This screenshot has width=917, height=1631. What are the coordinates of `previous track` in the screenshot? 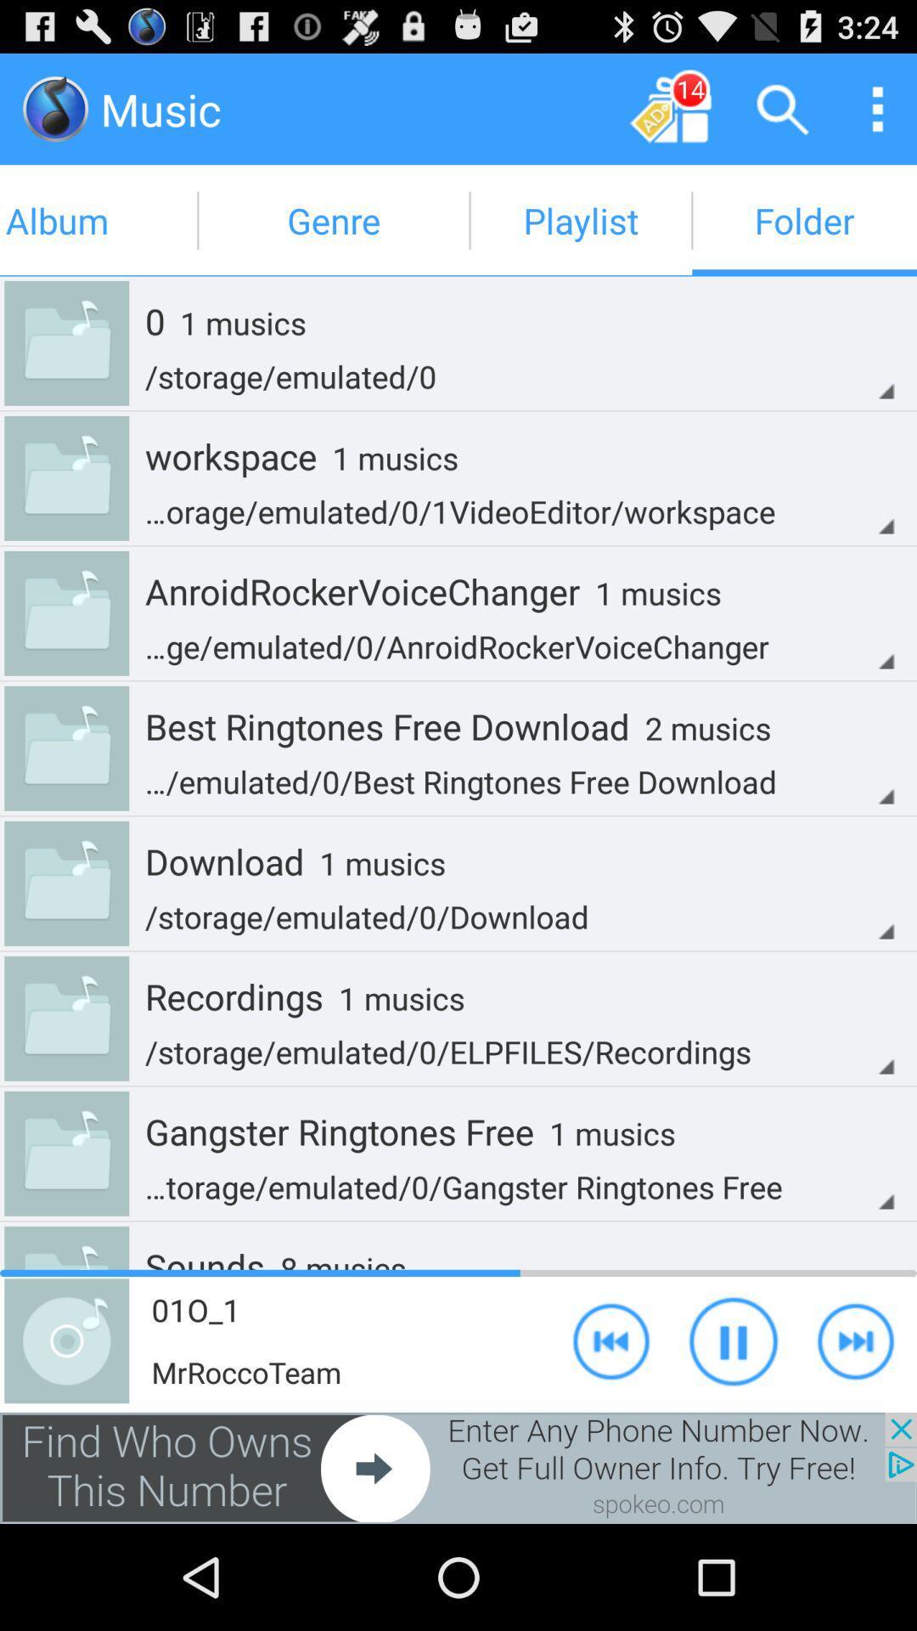 It's located at (611, 1340).